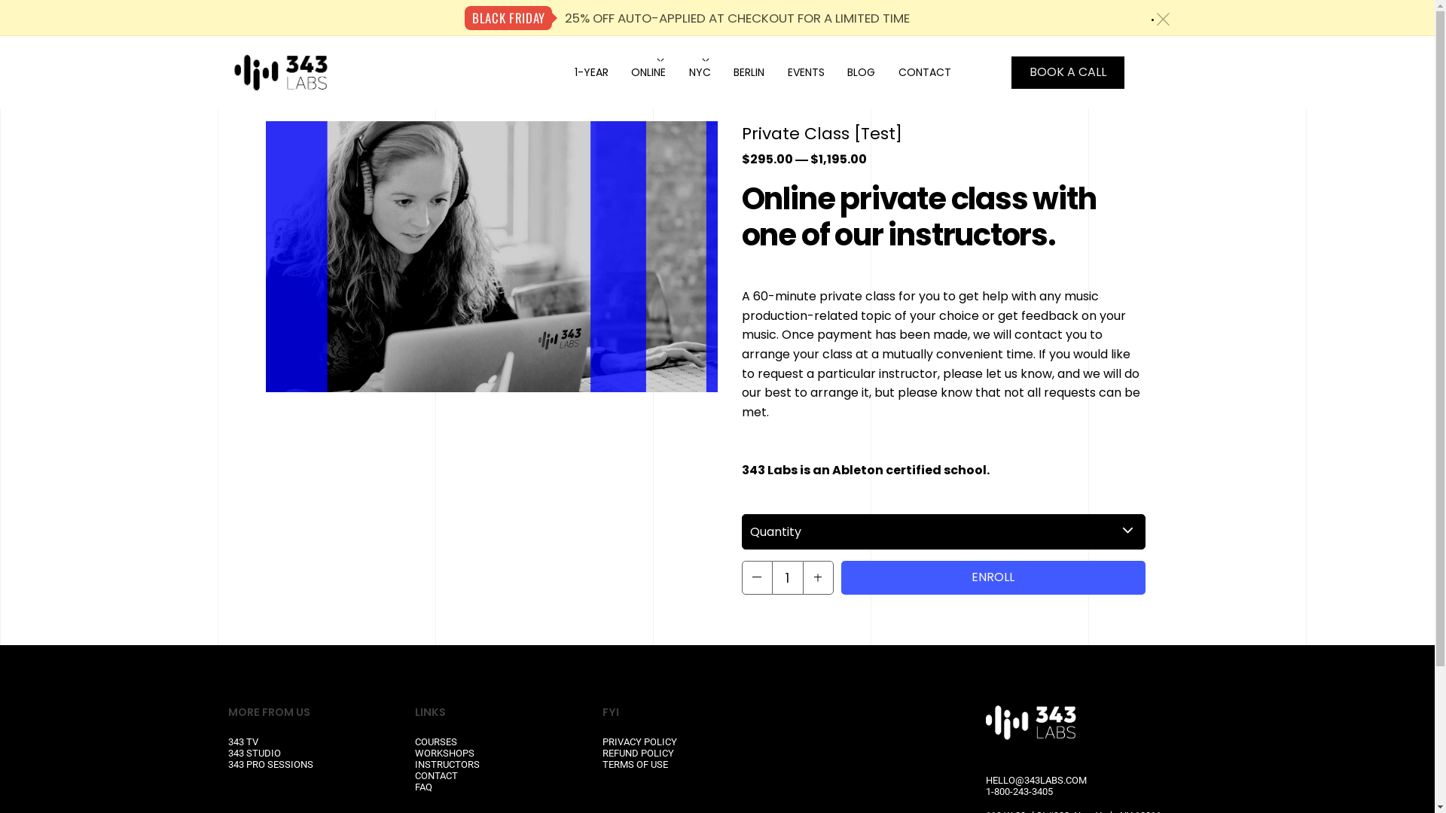 The height and width of the screenshot is (813, 1446). I want to click on 'PRIVACY POLICY', so click(639, 741).